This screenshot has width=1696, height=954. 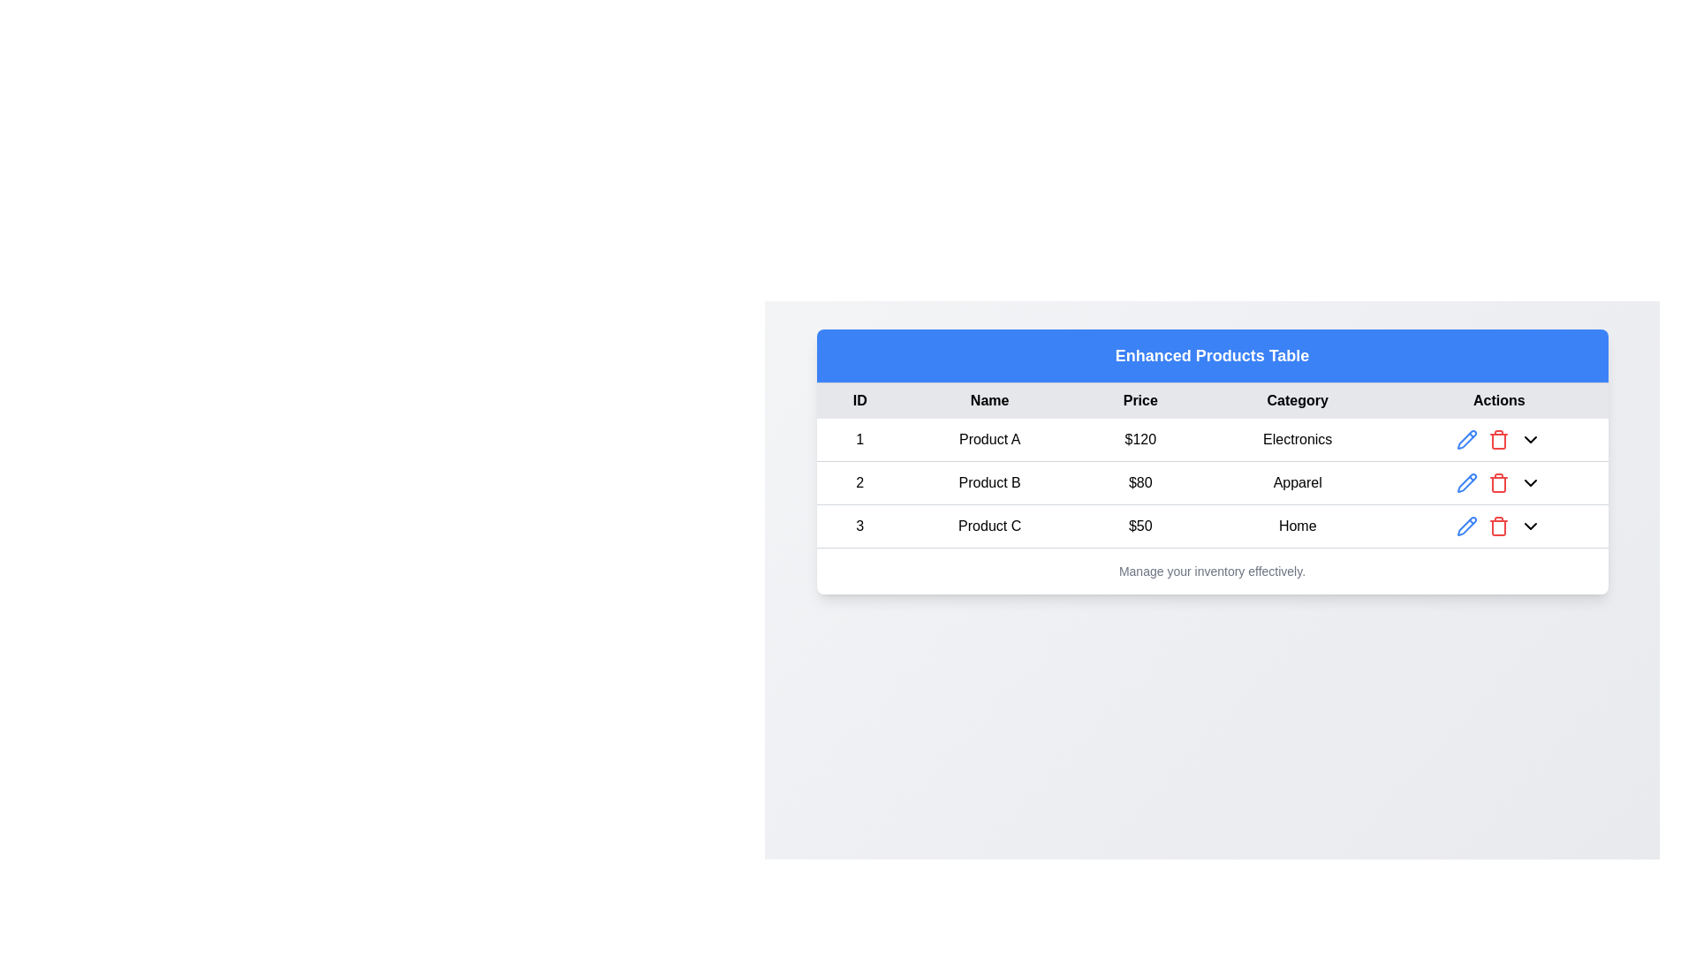 What do you see at coordinates (1140, 400) in the screenshot?
I see `the text label displaying 'Price' in bold, located in the gray header row of the table` at bounding box center [1140, 400].